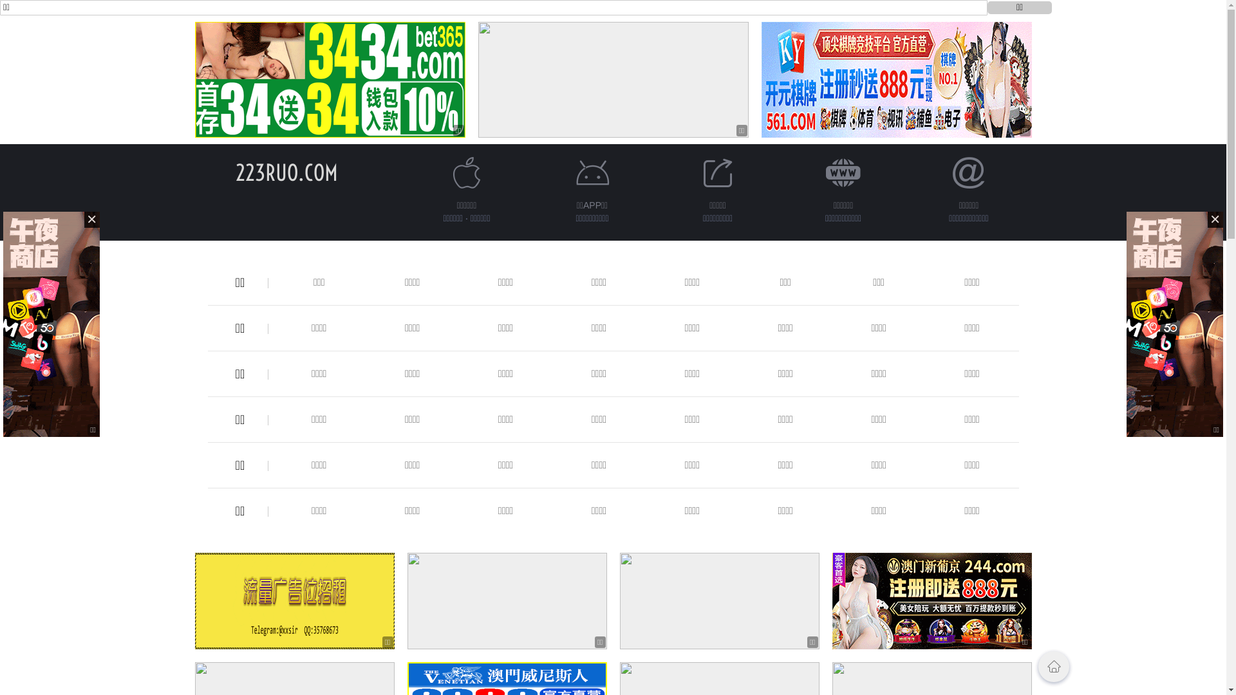  I want to click on '223RUO.COM', so click(286, 172).